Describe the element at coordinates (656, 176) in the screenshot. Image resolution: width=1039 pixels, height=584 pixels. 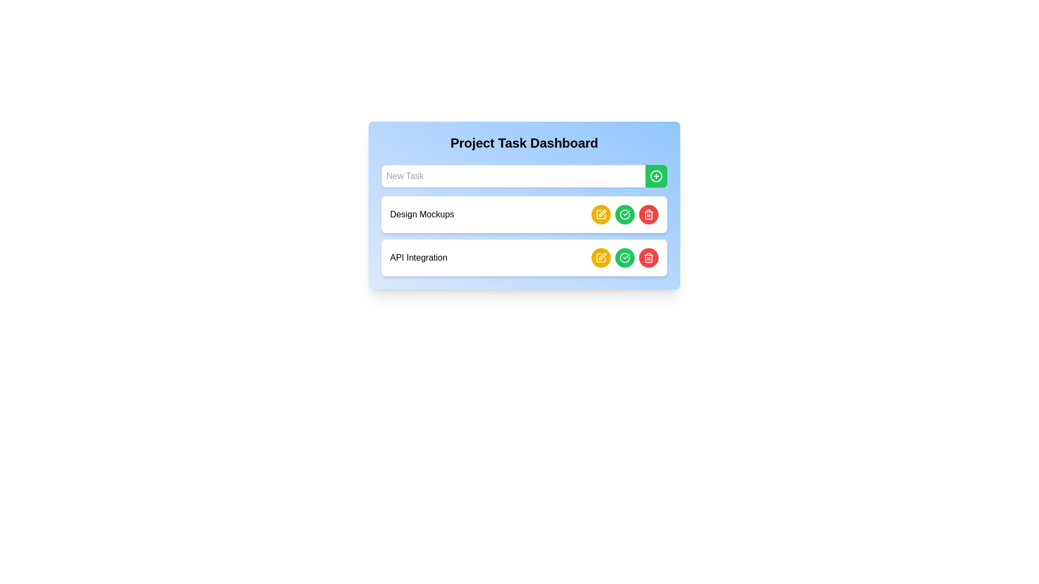
I see `the button containing the SVG graphic element (circle) that serves as the outer circular boundary of a plus icon for adding a new task` at that location.